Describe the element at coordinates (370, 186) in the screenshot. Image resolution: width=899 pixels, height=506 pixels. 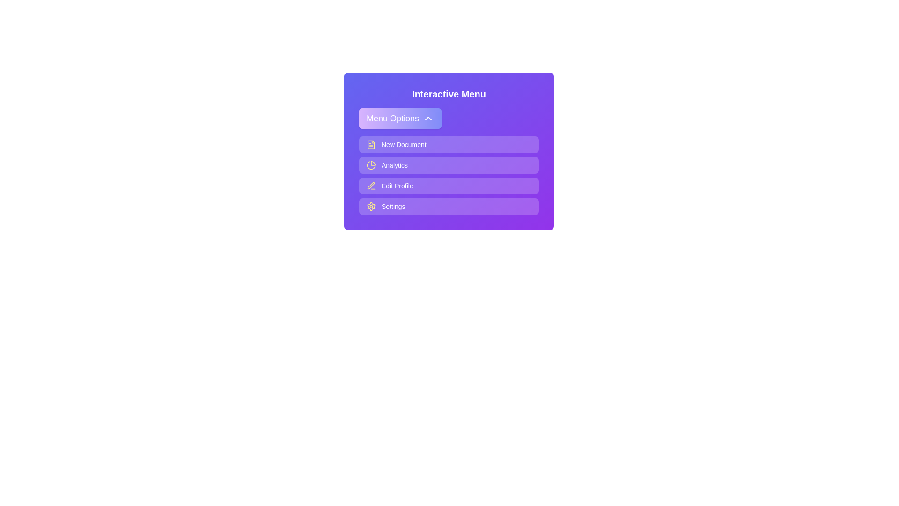
I see `the pen icon located within the 'Edit Profile' button, which is positioned at the leftmost part of the button` at that location.